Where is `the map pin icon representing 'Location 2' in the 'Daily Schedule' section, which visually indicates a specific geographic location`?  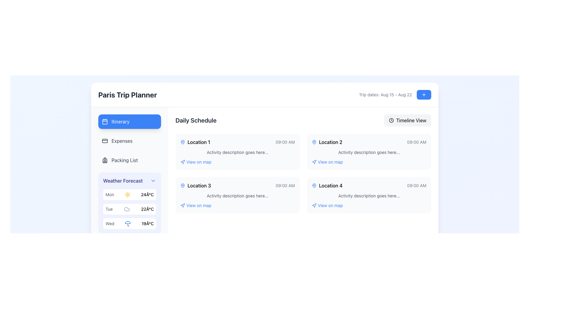 the map pin icon representing 'Location 2' in the 'Daily Schedule' section, which visually indicates a specific geographic location is located at coordinates (314, 142).